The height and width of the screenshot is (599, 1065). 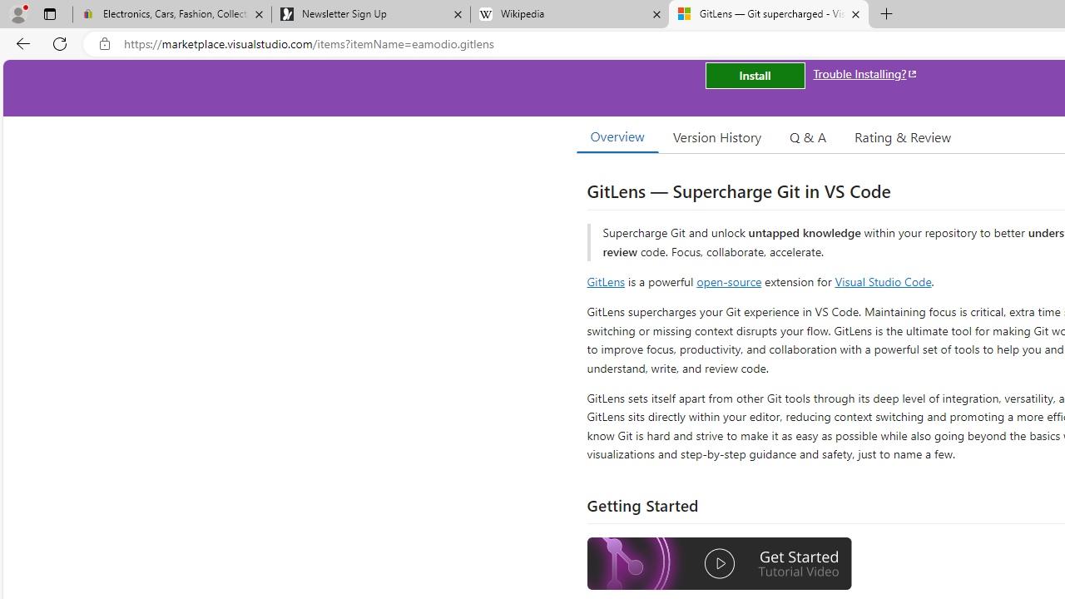 What do you see at coordinates (617, 136) in the screenshot?
I see `'Overview'` at bounding box center [617, 136].